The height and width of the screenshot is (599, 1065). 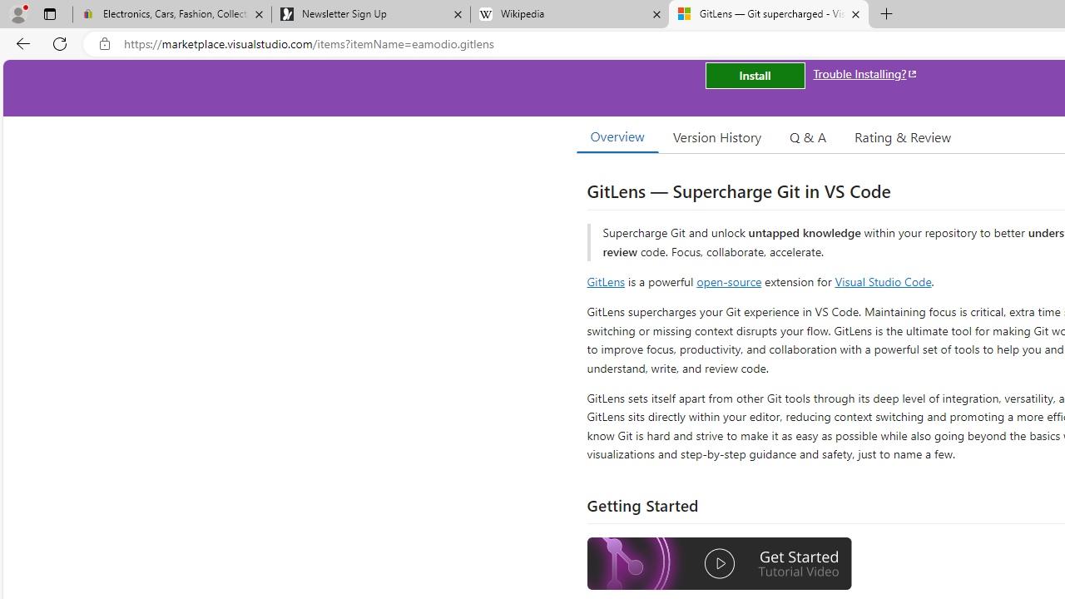 What do you see at coordinates (617, 136) in the screenshot?
I see `'Overview'` at bounding box center [617, 136].